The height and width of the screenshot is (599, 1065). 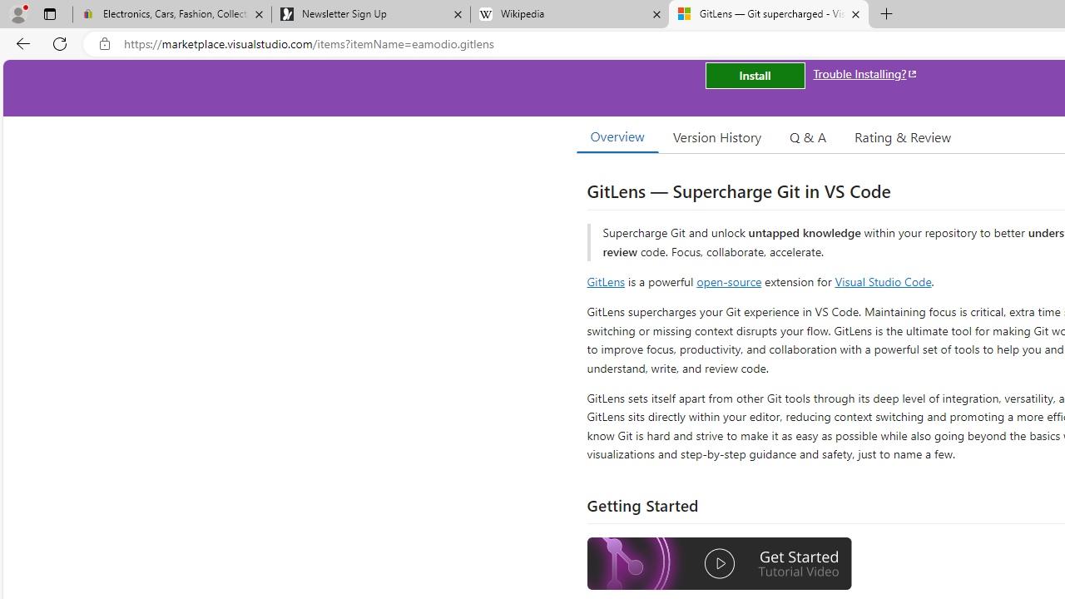 What do you see at coordinates (617, 136) in the screenshot?
I see `'Overview'` at bounding box center [617, 136].